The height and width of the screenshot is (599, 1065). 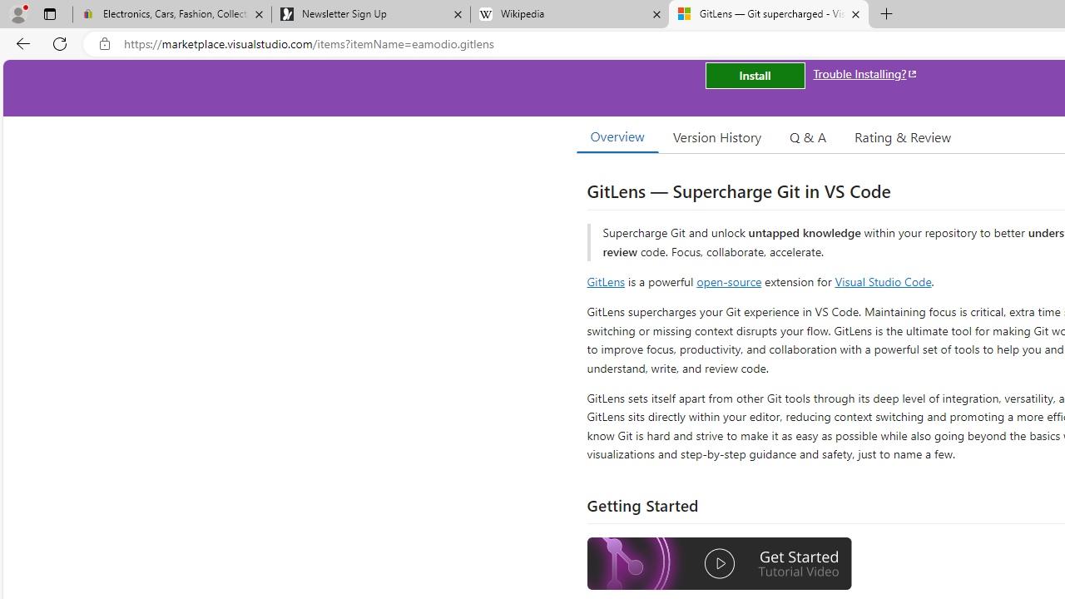 What do you see at coordinates (617, 136) in the screenshot?
I see `'Overview'` at bounding box center [617, 136].